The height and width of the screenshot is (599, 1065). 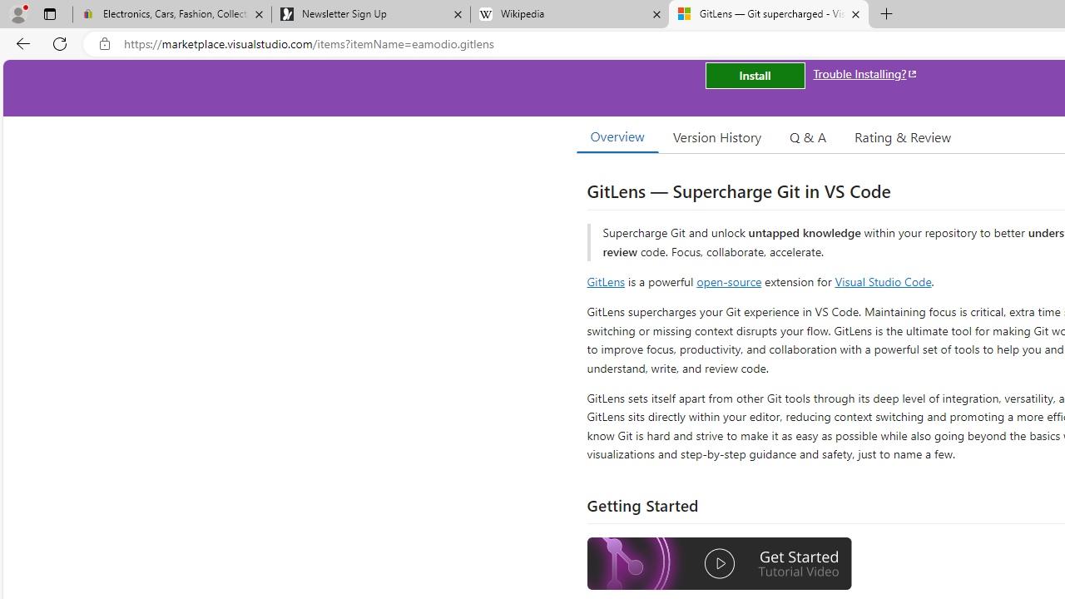 What do you see at coordinates (617, 136) in the screenshot?
I see `'Overview'` at bounding box center [617, 136].